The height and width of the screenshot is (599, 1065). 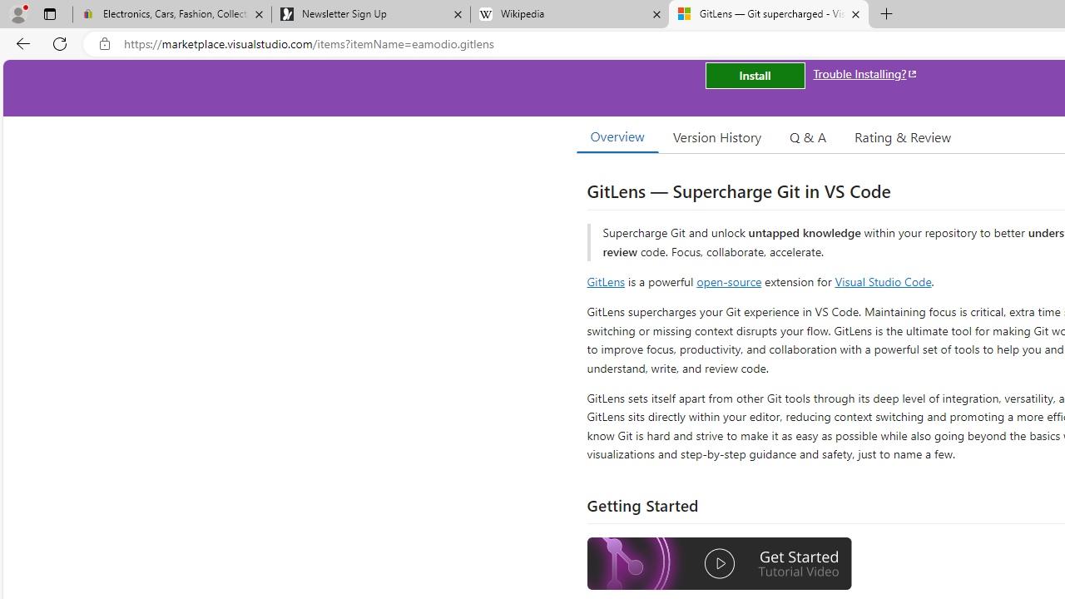 What do you see at coordinates (617, 136) in the screenshot?
I see `'Overview'` at bounding box center [617, 136].